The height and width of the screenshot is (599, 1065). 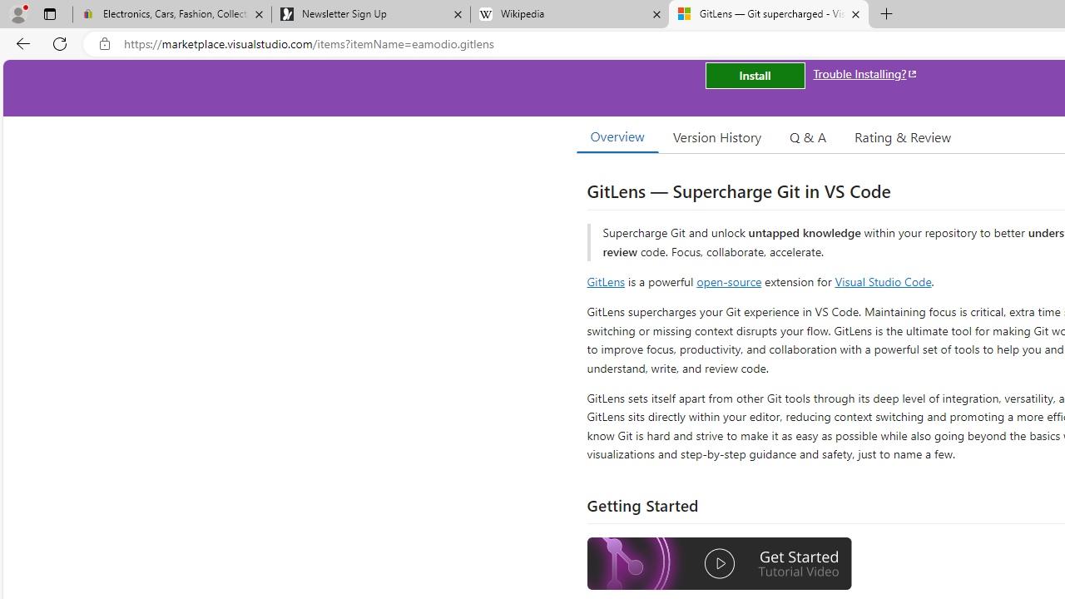 What do you see at coordinates (617, 136) in the screenshot?
I see `'Overview'` at bounding box center [617, 136].